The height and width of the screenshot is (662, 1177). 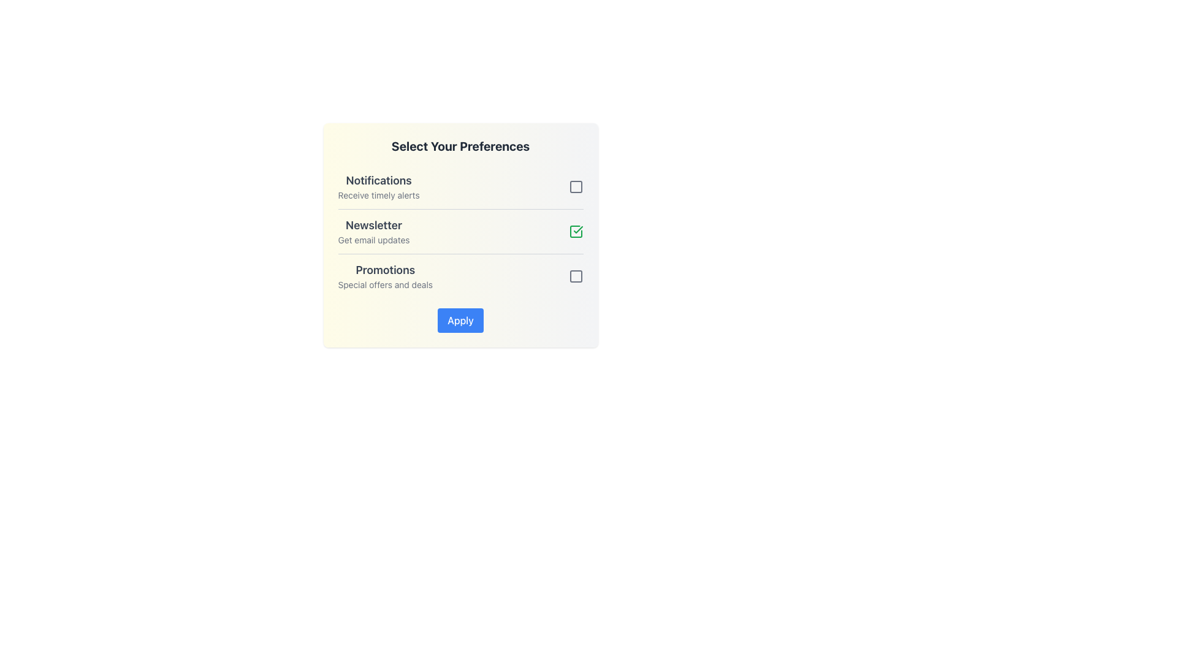 What do you see at coordinates (378, 195) in the screenshot?
I see `the static text element that reads 'Receive timely alerts', which is styled in light gray and positioned below the 'Notifications' heading` at bounding box center [378, 195].